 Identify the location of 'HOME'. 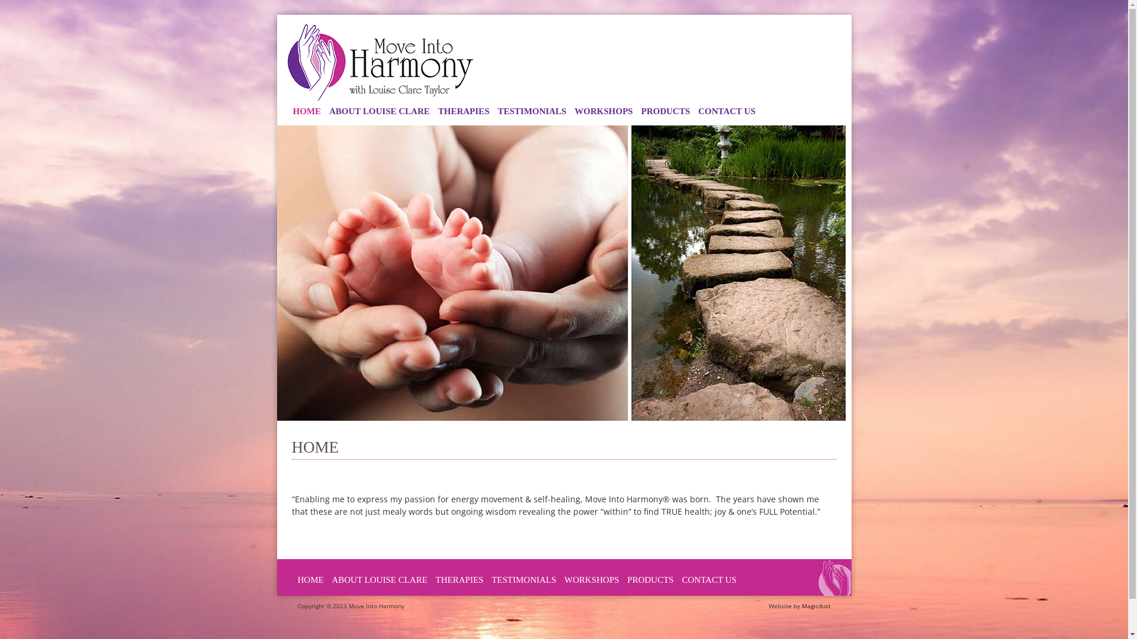
(310, 579).